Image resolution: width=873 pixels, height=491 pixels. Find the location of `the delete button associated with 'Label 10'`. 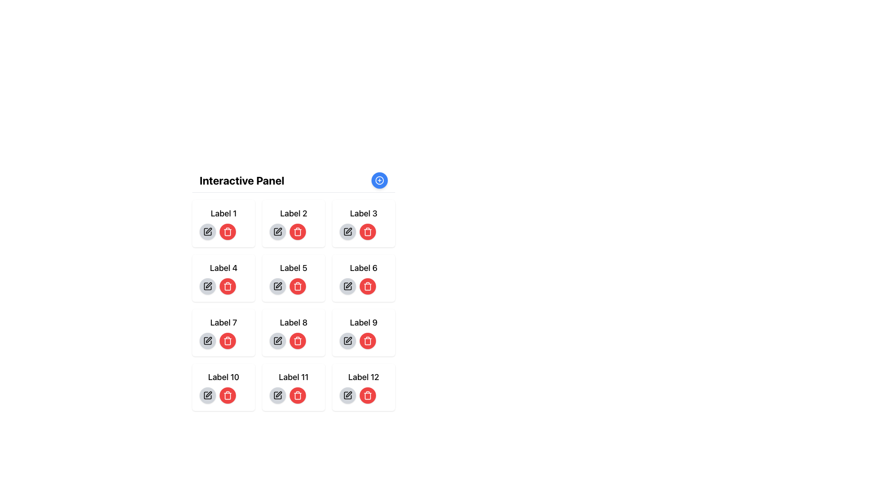

the delete button associated with 'Label 10' is located at coordinates (227, 395).